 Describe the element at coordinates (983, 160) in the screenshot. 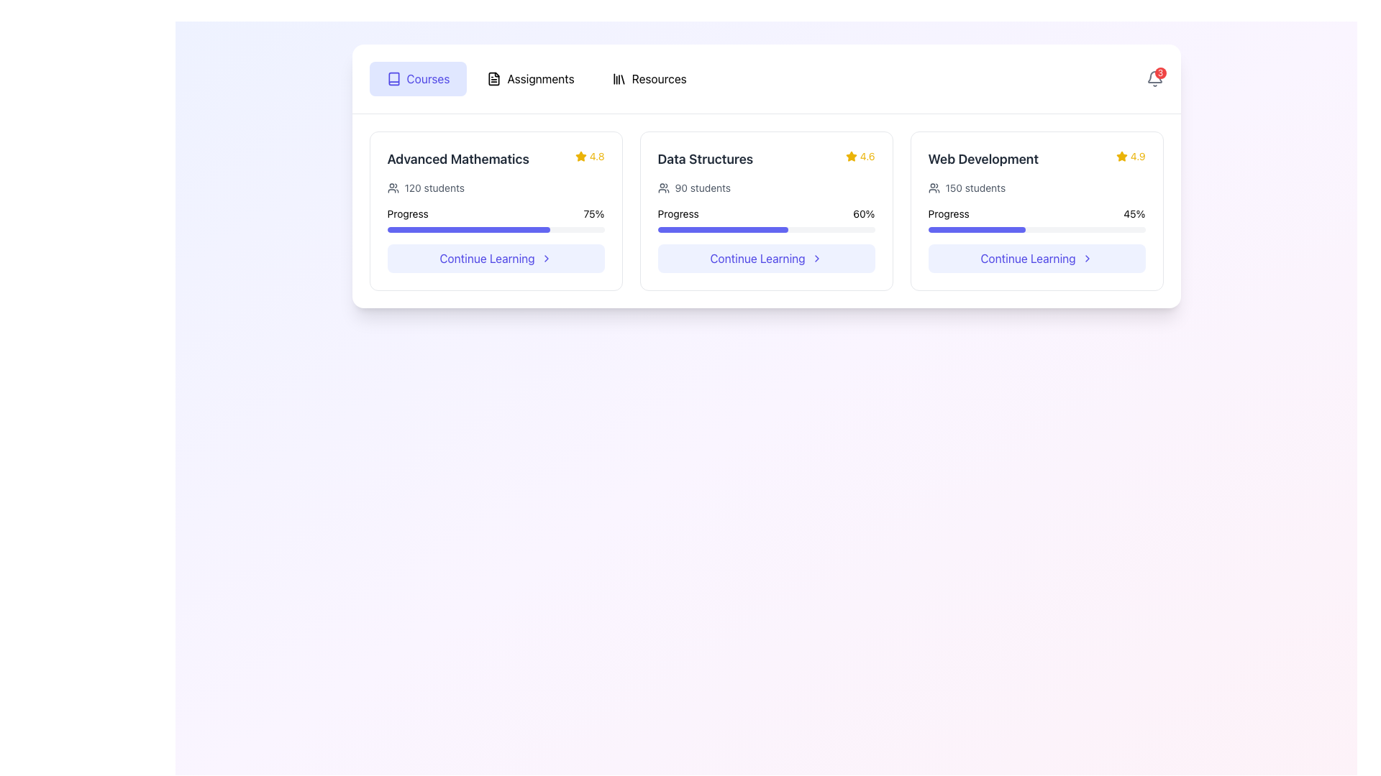

I see `the 'Web Development' text label, which is styled in bold with a larger font size and dark gray color, located in the top-right corner of the rightmost card in a grid of three cards` at that location.